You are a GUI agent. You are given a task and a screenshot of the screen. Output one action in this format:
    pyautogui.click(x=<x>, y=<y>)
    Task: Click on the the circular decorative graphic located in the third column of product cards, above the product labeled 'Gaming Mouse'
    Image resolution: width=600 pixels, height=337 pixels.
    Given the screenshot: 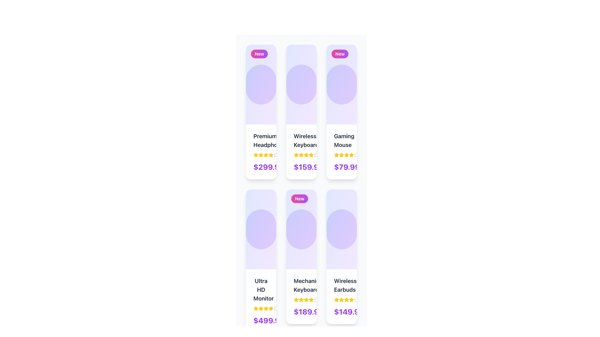 What is the action you would take?
    pyautogui.click(x=341, y=84)
    